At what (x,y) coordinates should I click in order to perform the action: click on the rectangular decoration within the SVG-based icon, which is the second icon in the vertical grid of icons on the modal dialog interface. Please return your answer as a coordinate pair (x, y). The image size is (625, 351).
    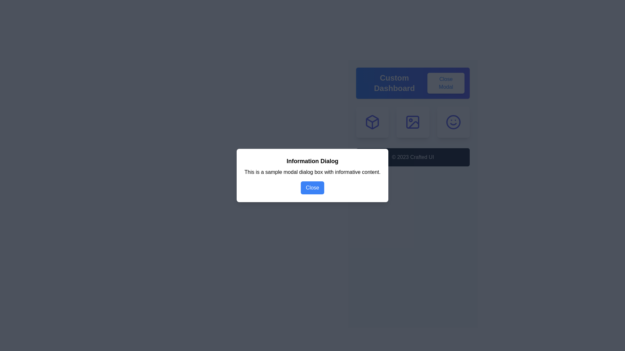
    Looking at the image, I should click on (412, 122).